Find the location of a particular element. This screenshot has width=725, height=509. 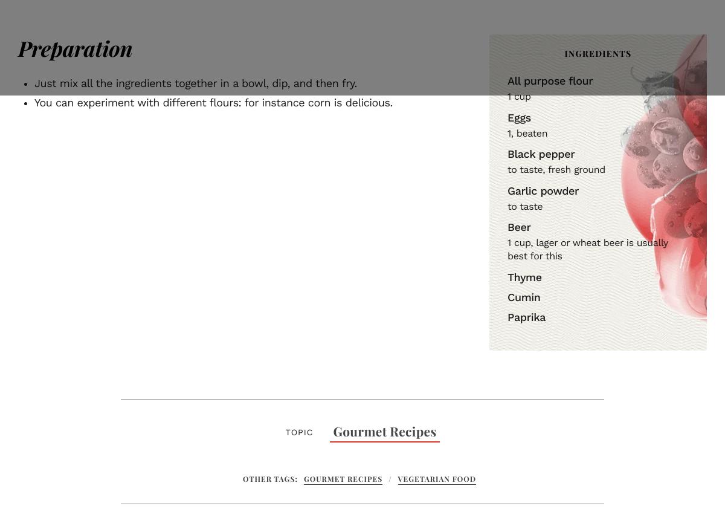

'Topic' is located at coordinates (298, 433).